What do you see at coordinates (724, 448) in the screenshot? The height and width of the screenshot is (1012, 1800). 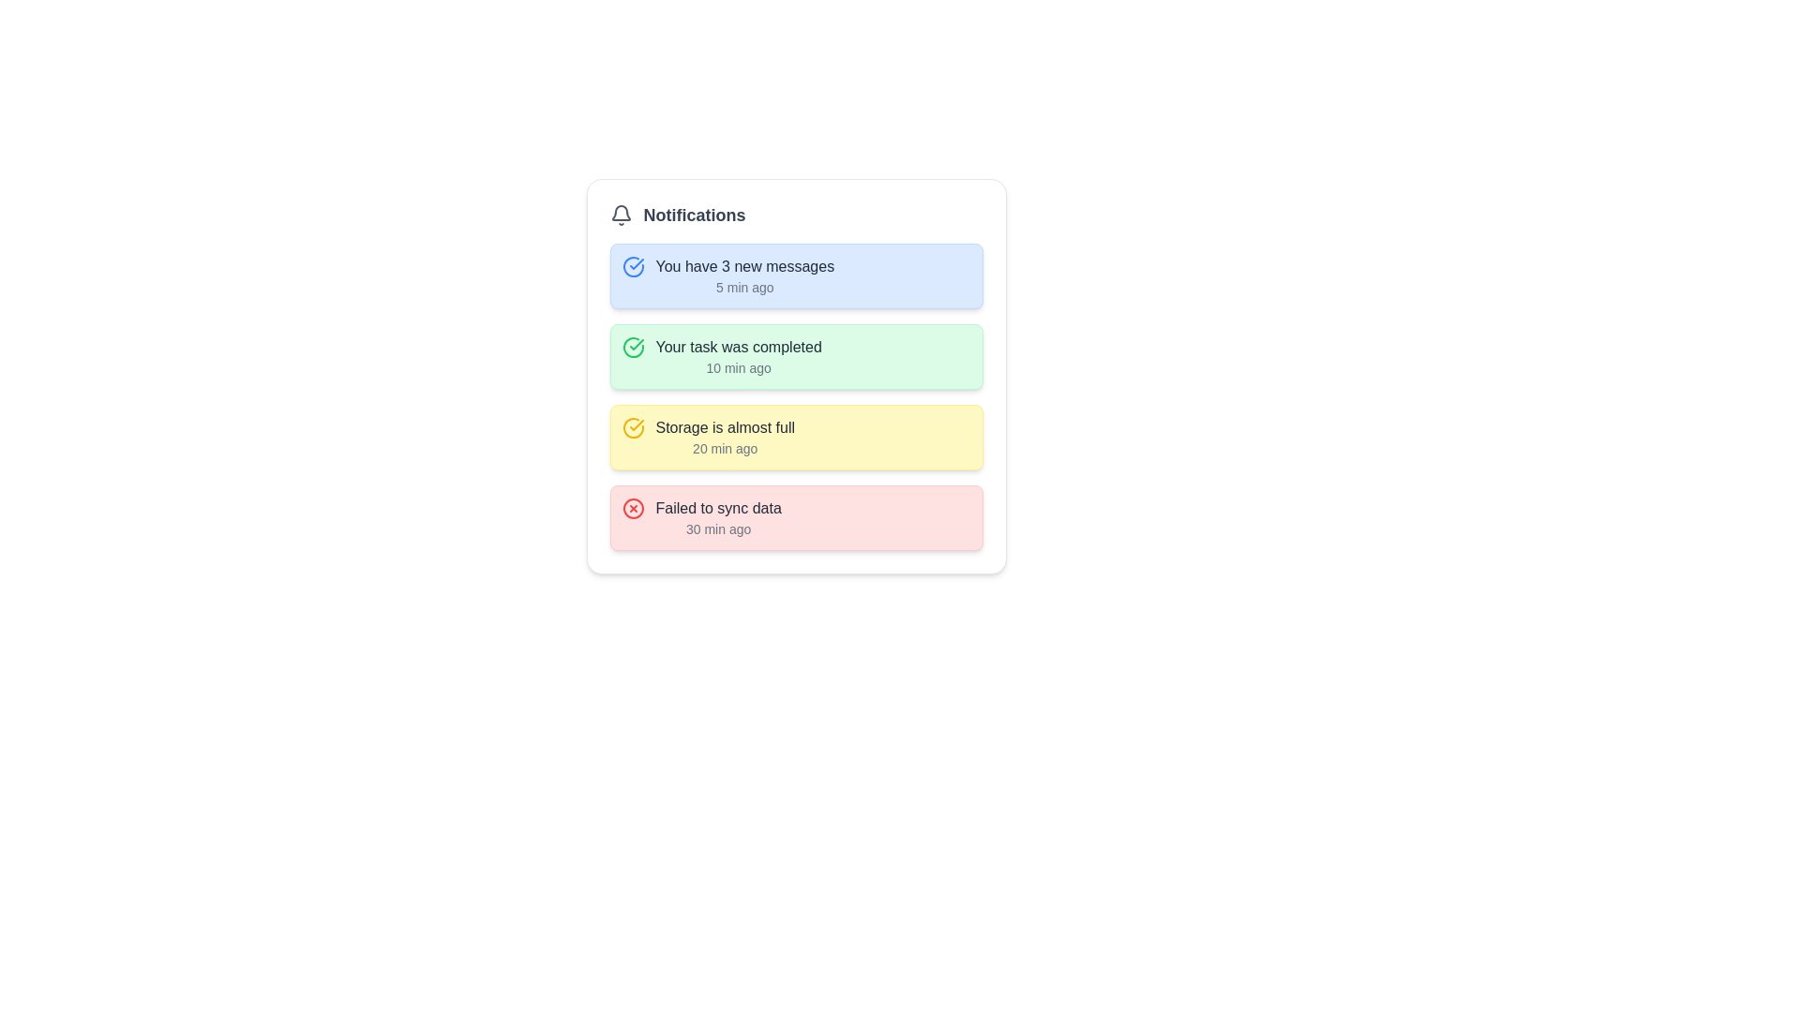 I see `the text element displaying the relative time of the notification's occurrence, located at the bottom-right corner of the 'Storage is almost full' notification tile` at bounding box center [724, 448].